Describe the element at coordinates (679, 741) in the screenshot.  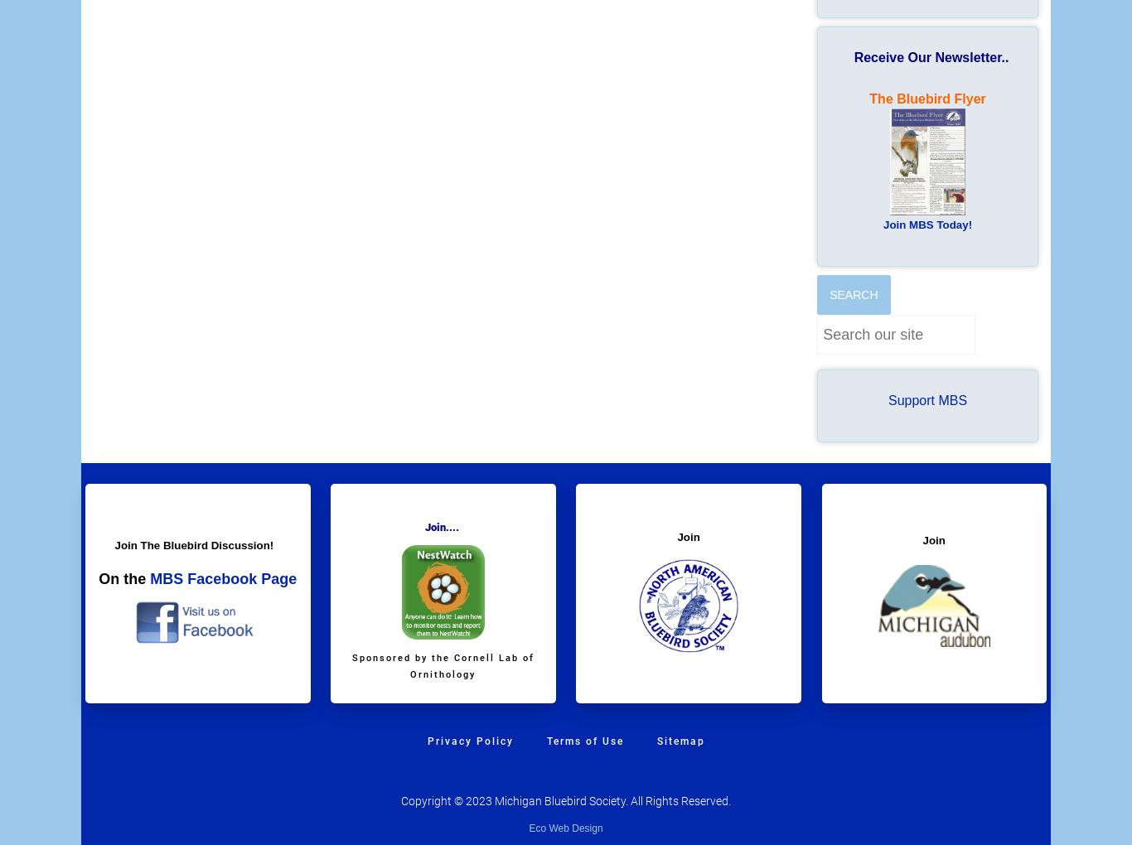
I see `'Sitemap'` at that location.